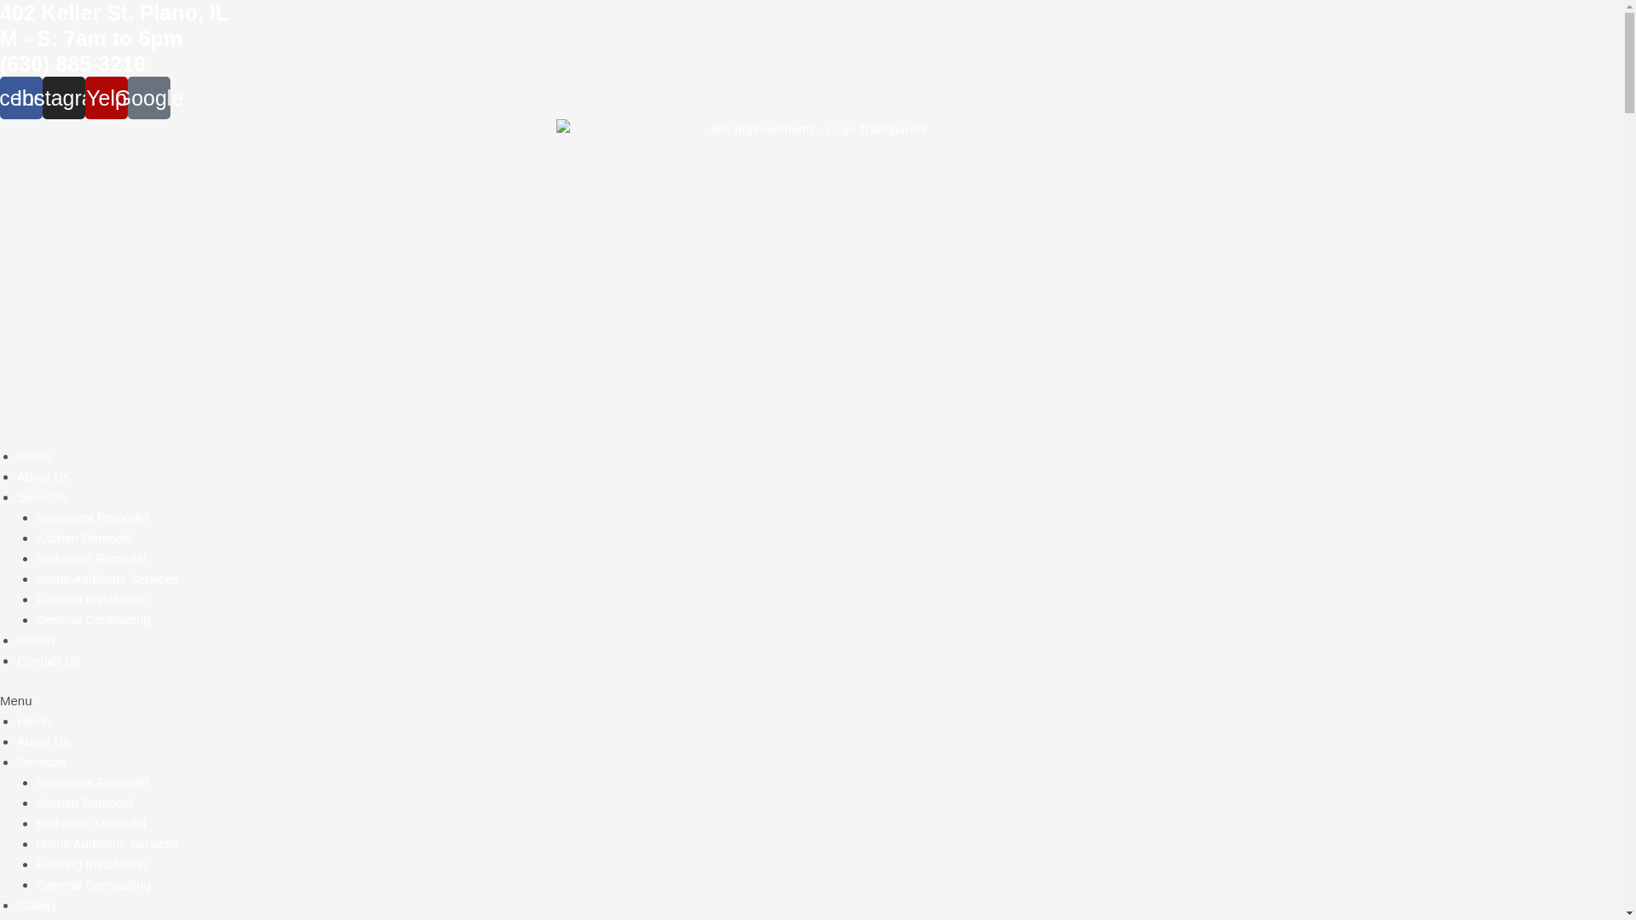  What do you see at coordinates (113, 13) in the screenshot?
I see `'402 Keller St. Plano, IL'` at bounding box center [113, 13].